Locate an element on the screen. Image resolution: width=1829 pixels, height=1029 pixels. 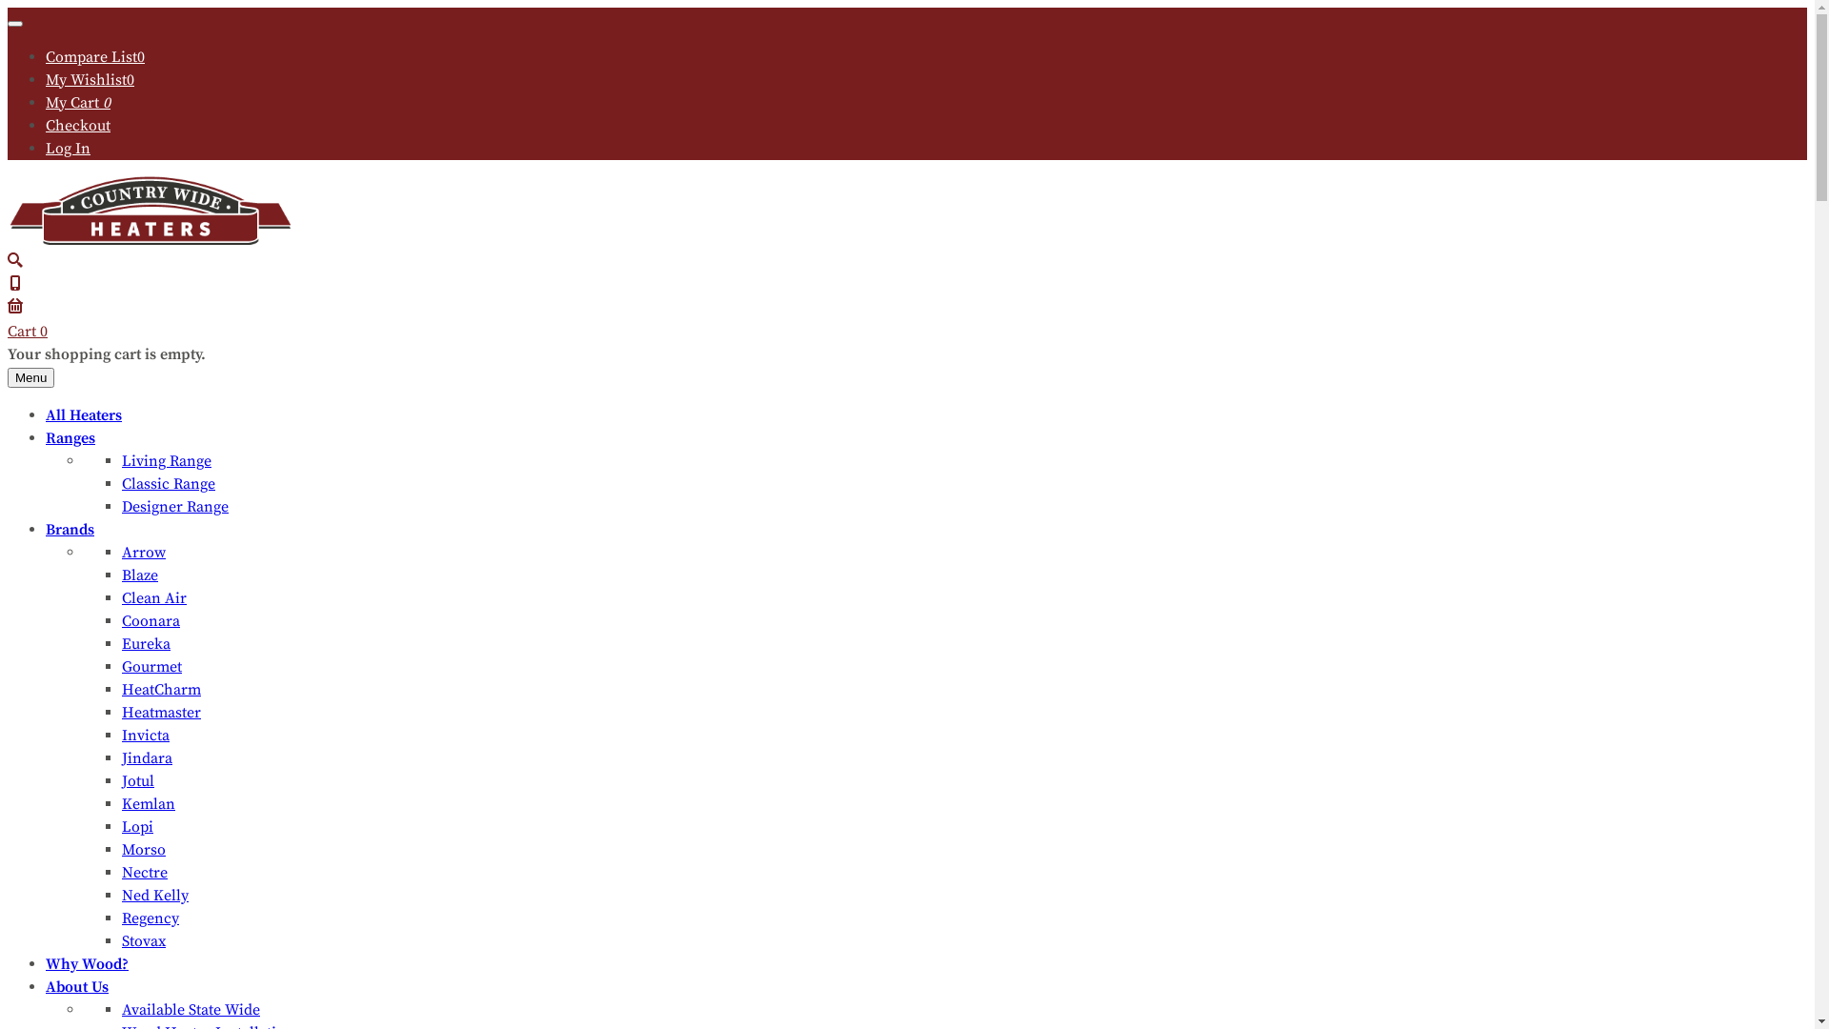
'My Wishlist0' is located at coordinates (89, 79).